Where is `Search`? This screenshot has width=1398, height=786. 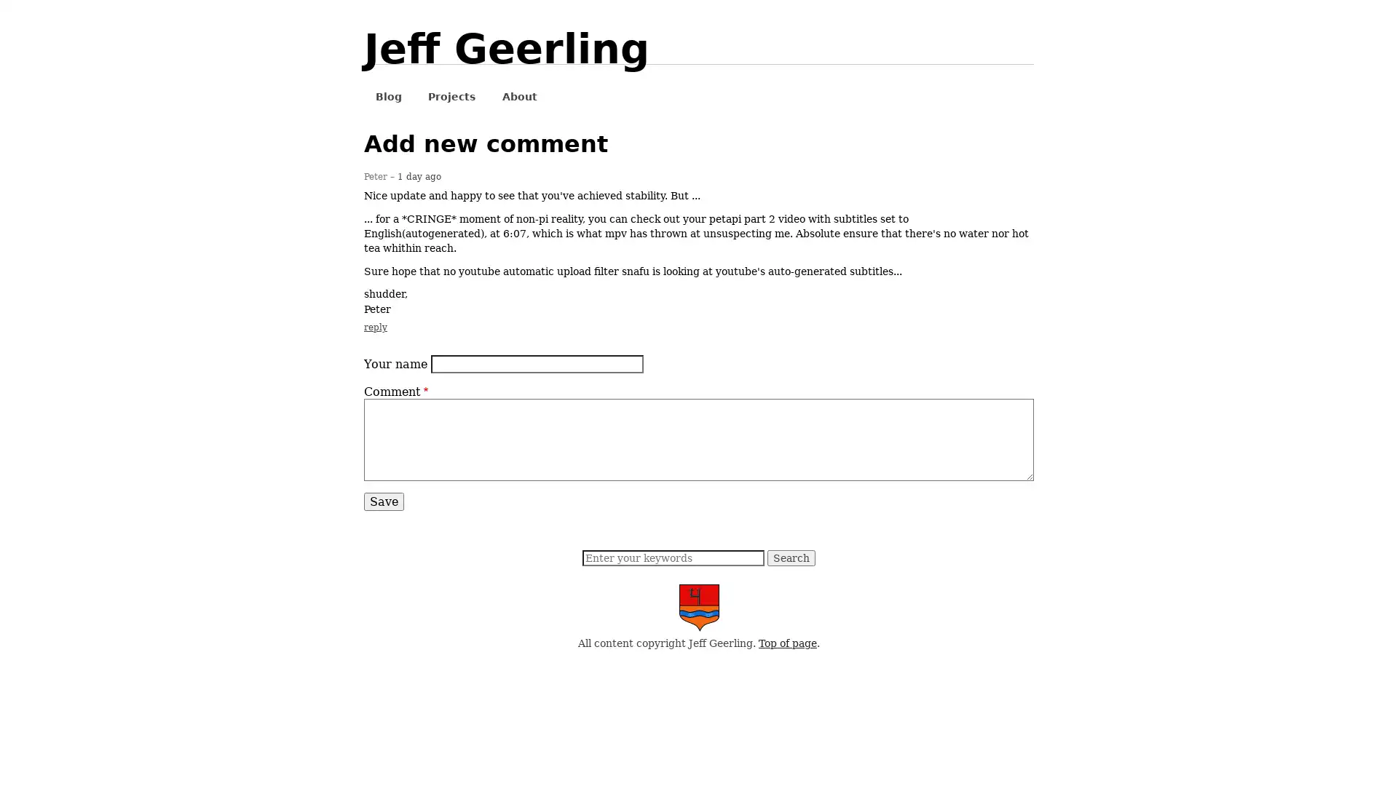
Search is located at coordinates (790, 557).